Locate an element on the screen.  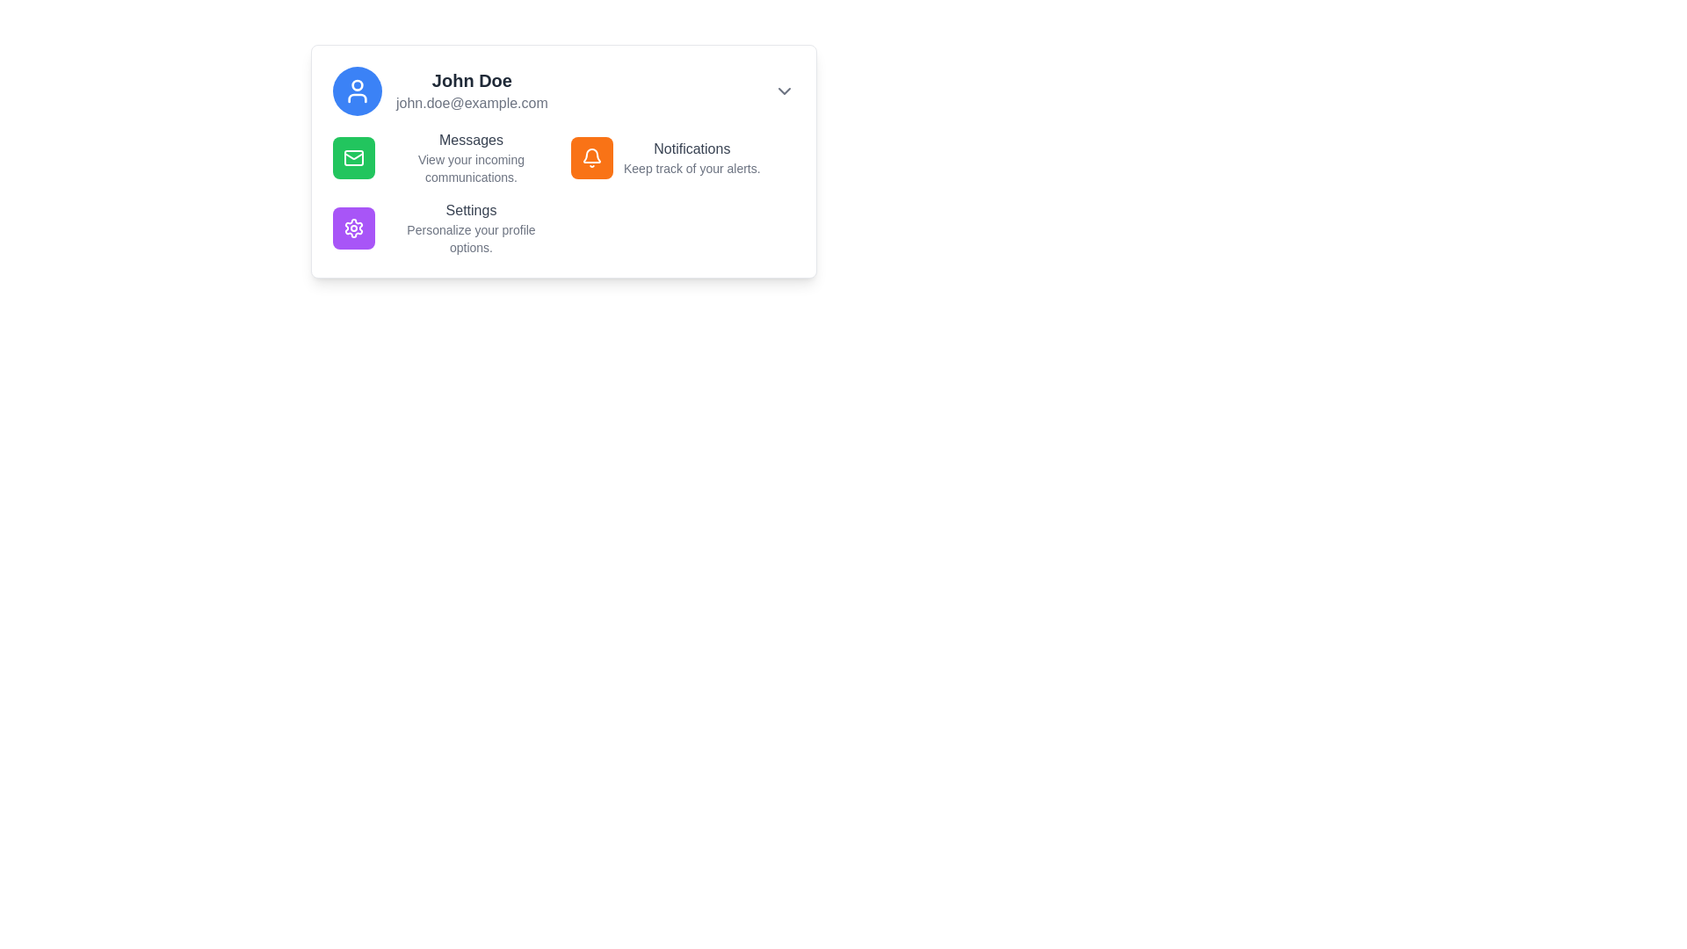
the dropdown trigger icon located on the far-right side of the user profile section containing 'John Doe'. This icon is intended for expanding options or revealing additional information is located at coordinates (783, 91).